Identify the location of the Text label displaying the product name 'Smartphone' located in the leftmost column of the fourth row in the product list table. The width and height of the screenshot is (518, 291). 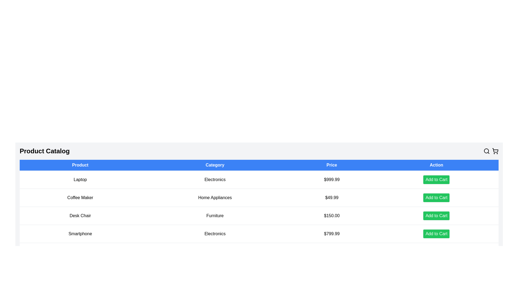
(80, 233).